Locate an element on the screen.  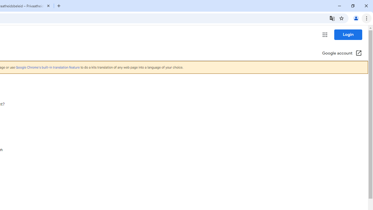
'Google Chrome' is located at coordinates (47, 67).